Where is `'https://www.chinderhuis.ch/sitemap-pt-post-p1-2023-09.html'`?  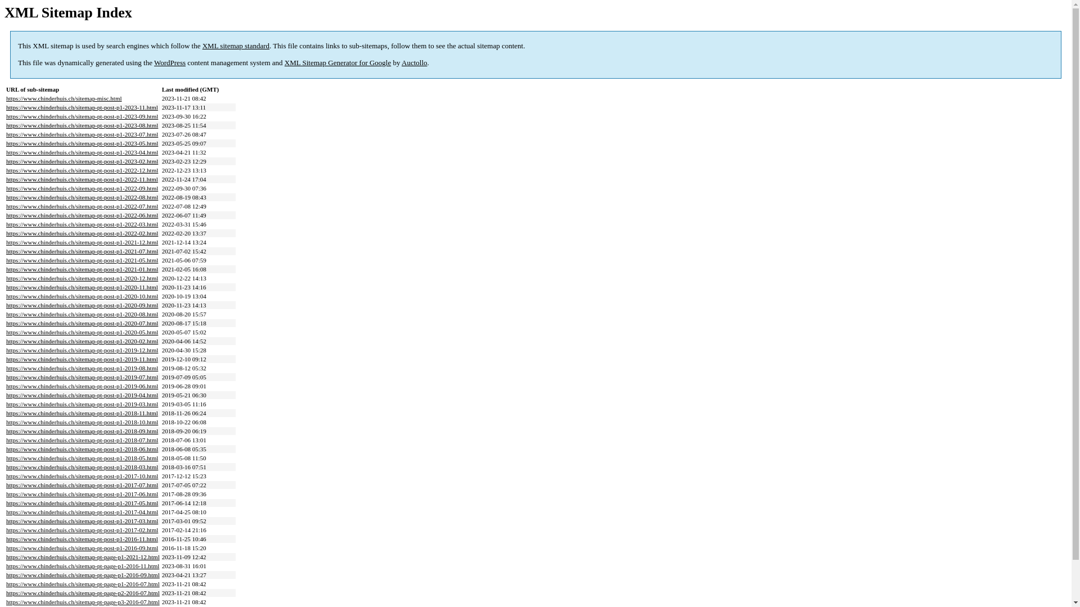 'https://www.chinderhuis.ch/sitemap-pt-post-p1-2023-09.html' is located at coordinates (81, 116).